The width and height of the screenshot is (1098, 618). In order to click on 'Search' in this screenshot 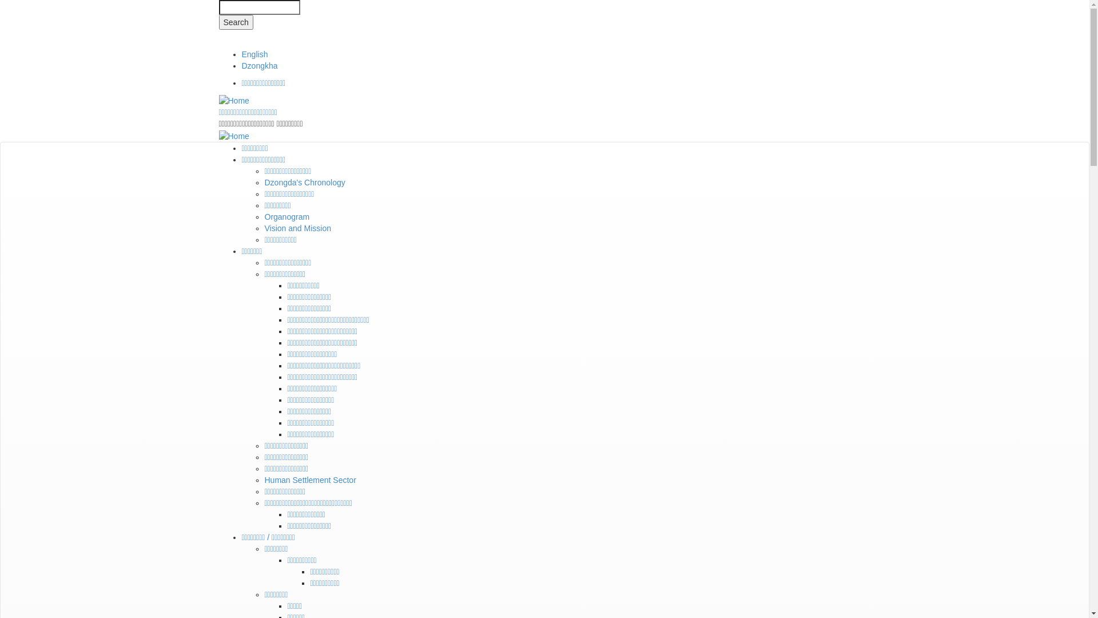, I will do `click(235, 22)`.